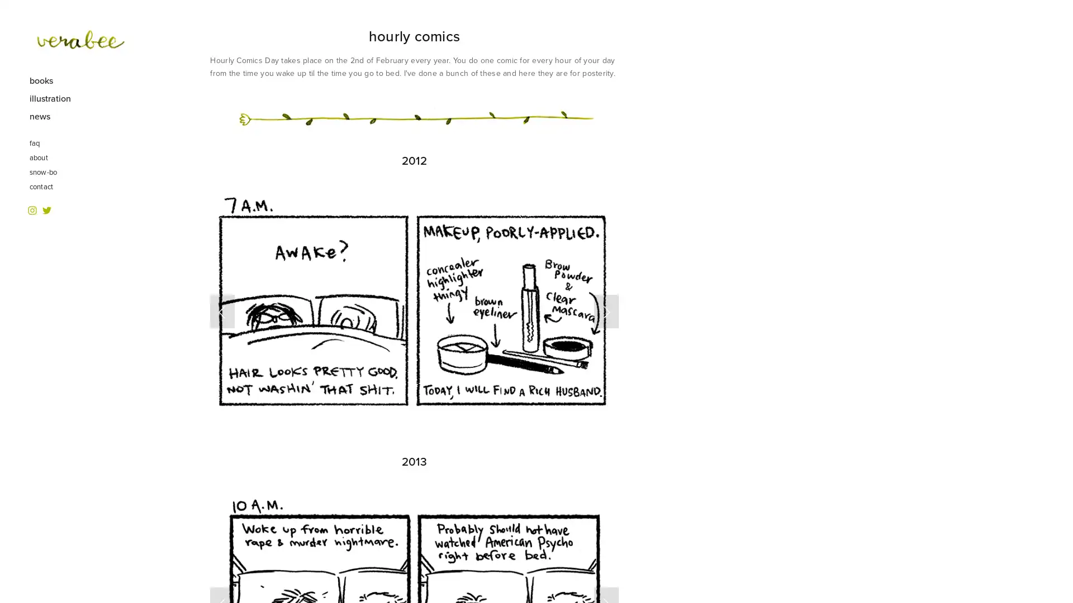  I want to click on Previous Slide, so click(222, 312).